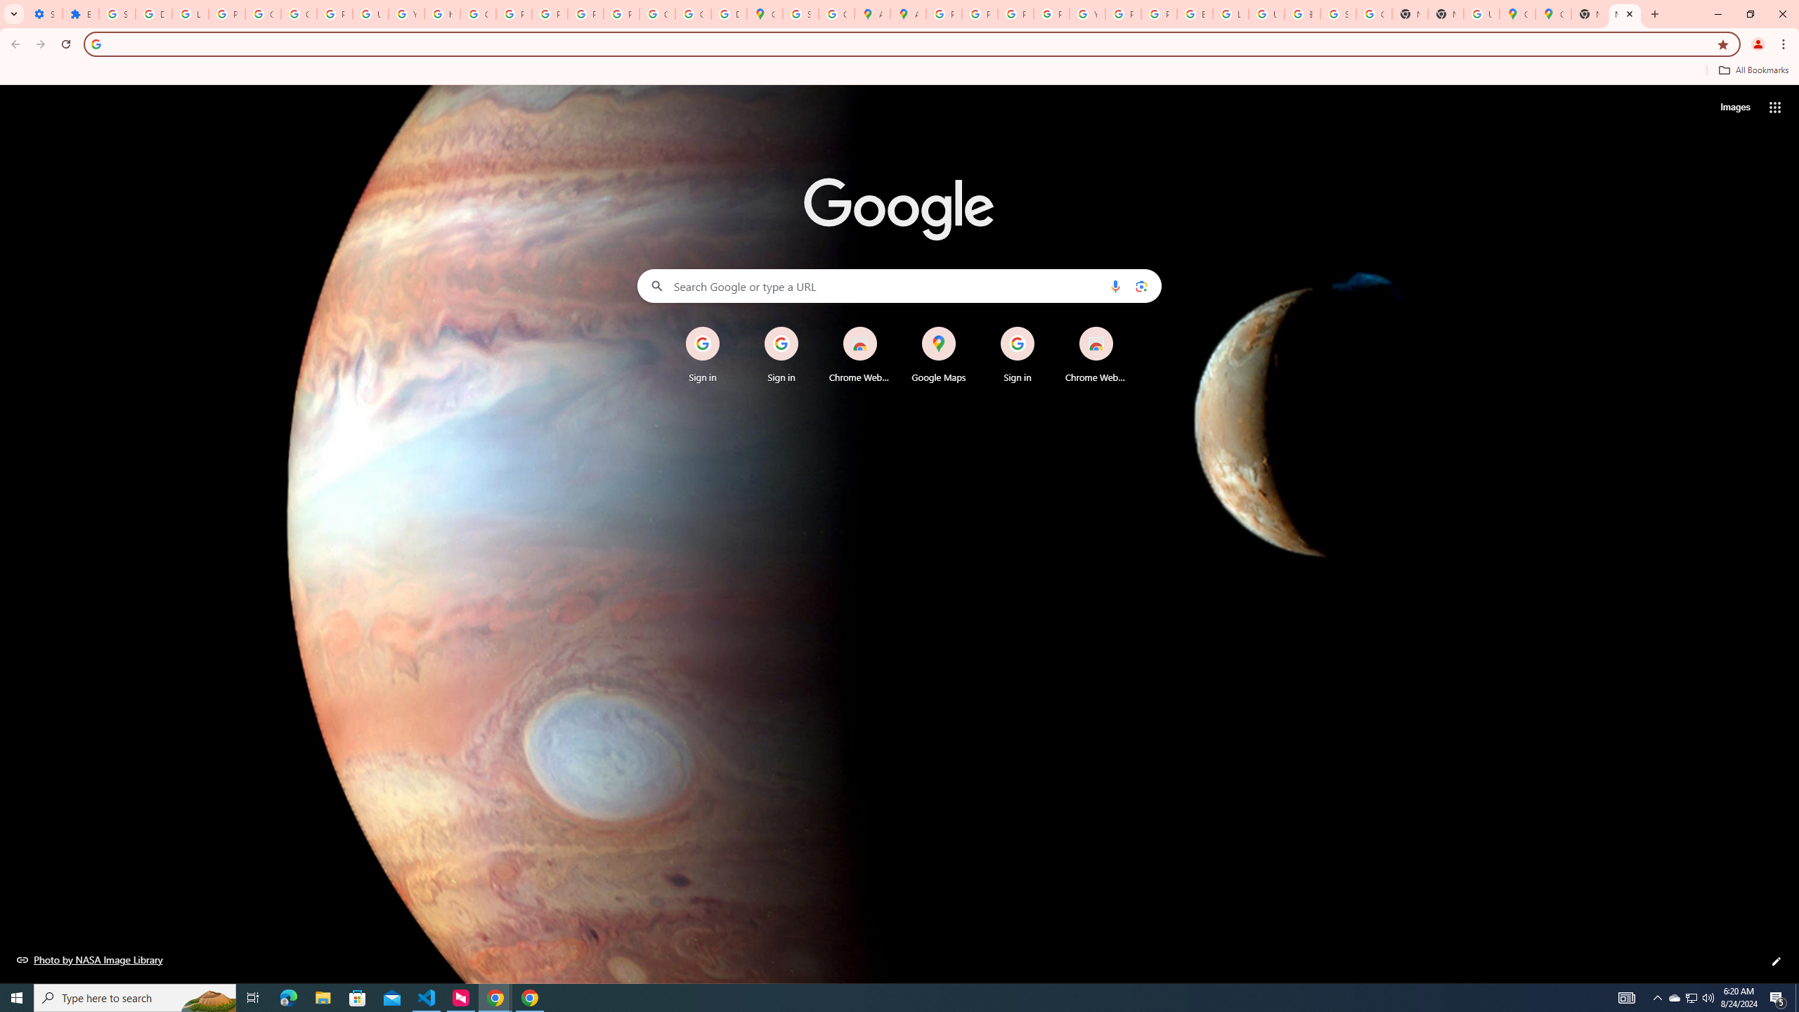 The height and width of the screenshot is (1012, 1799). Describe the element at coordinates (1096, 355) in the screenshot. I see `'Chrome Web Store'` at that location.